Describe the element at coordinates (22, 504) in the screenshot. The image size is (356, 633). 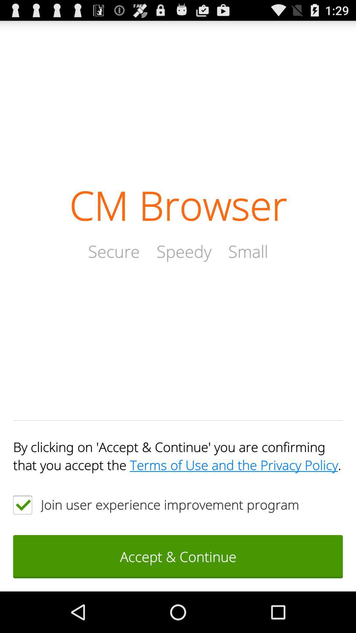
I see `item next to join user experience app` at that location.